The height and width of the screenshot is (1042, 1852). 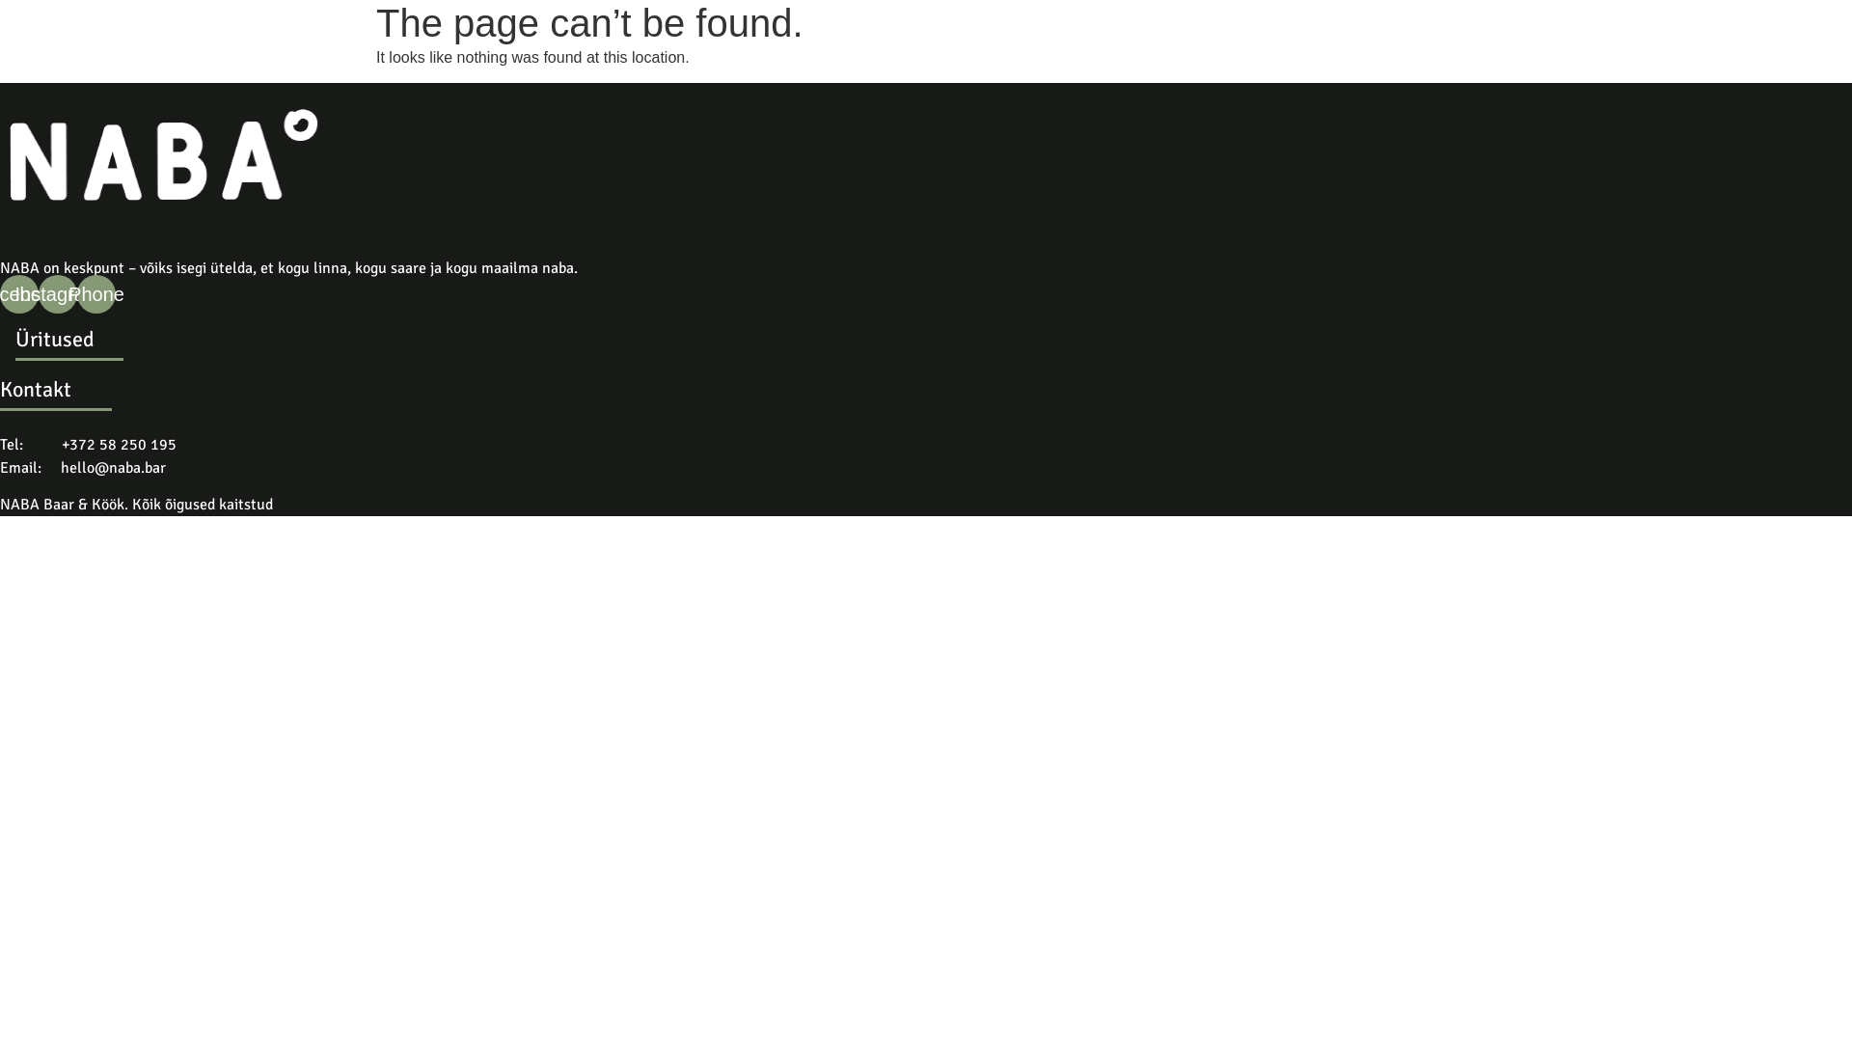 I want to click on 'Phone', so click(x=95, y=293).